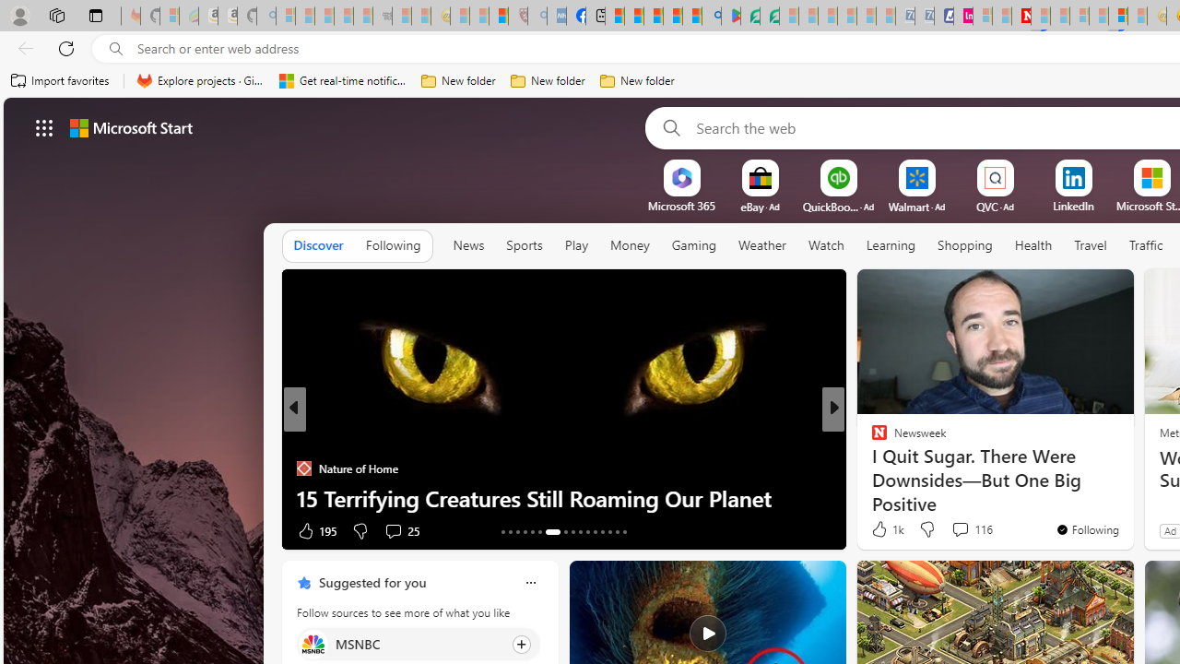  What do you see at coordinates (624, 532) in the screenshot?
I see `'AutomationID: tab-42'` at bounding box center [624, 532].